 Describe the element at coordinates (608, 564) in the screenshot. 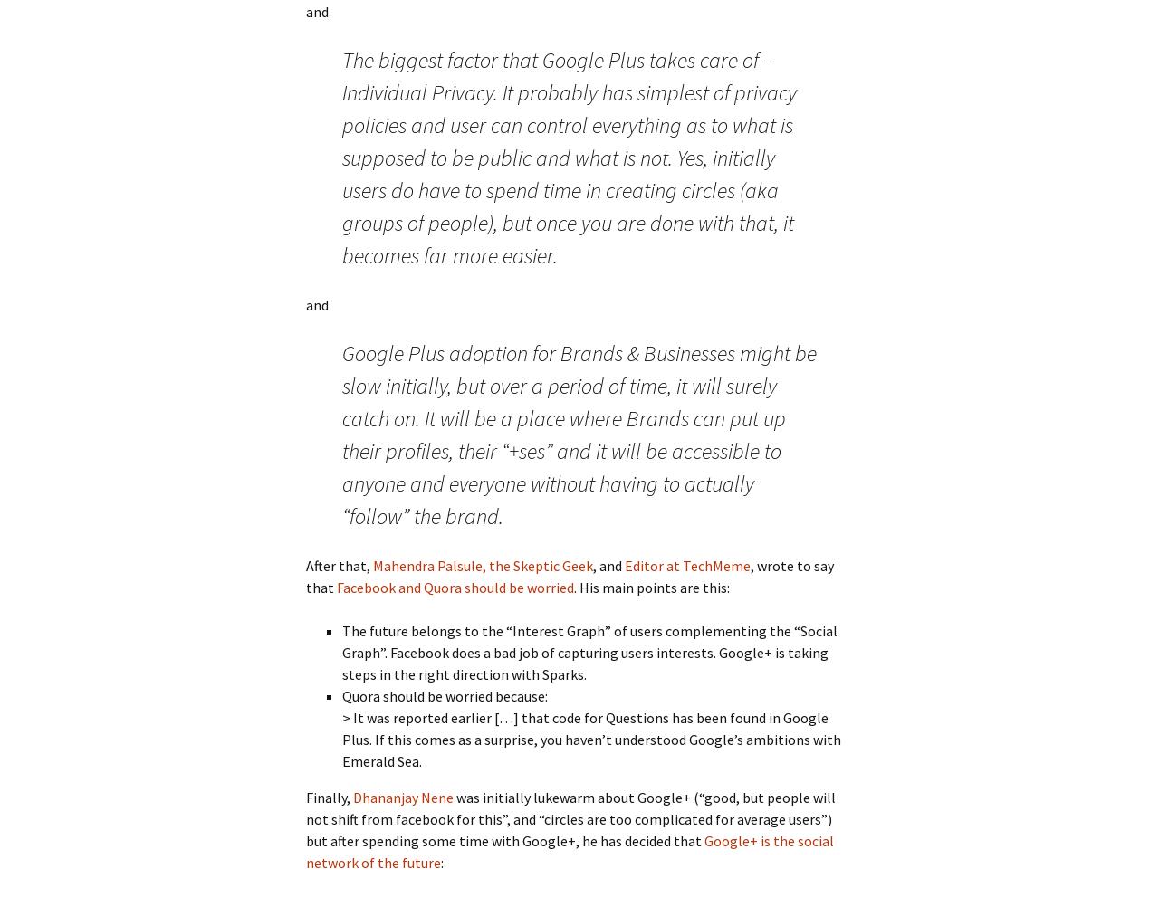

I see `', and'` at that location.